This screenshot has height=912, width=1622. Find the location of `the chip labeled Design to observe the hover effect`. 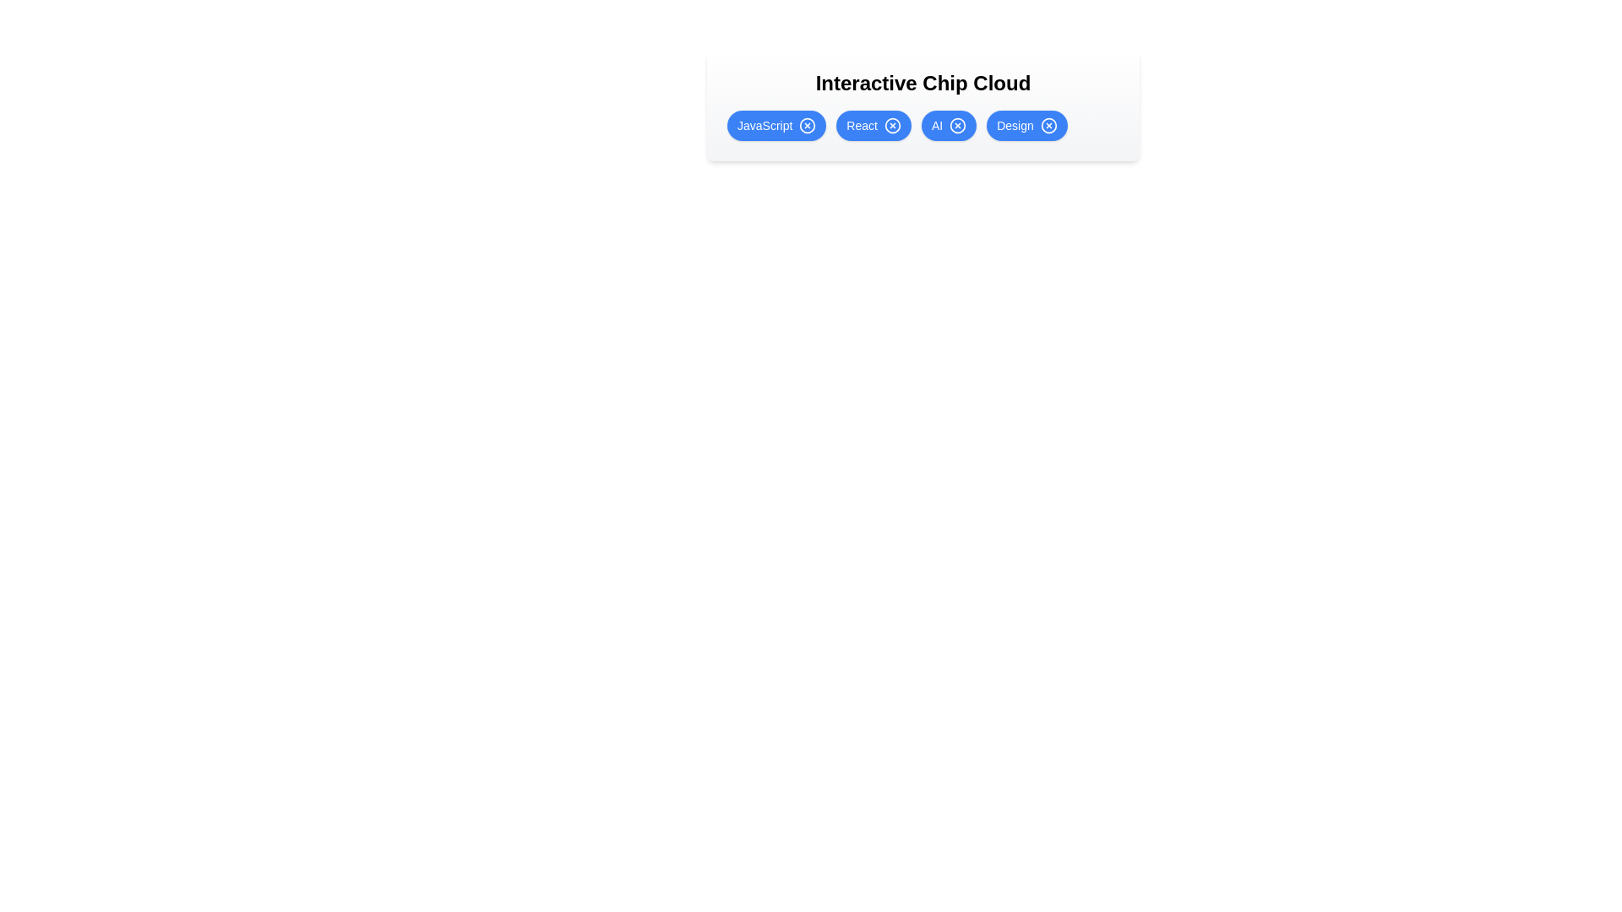

the chip labeled Design to observe the hover effect is located at coordinates (1026, 125).